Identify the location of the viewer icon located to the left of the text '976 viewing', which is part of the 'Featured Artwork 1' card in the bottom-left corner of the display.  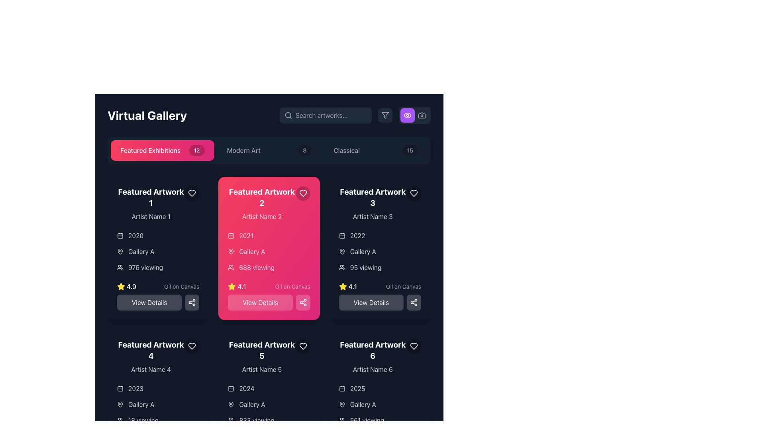
(120, 267).